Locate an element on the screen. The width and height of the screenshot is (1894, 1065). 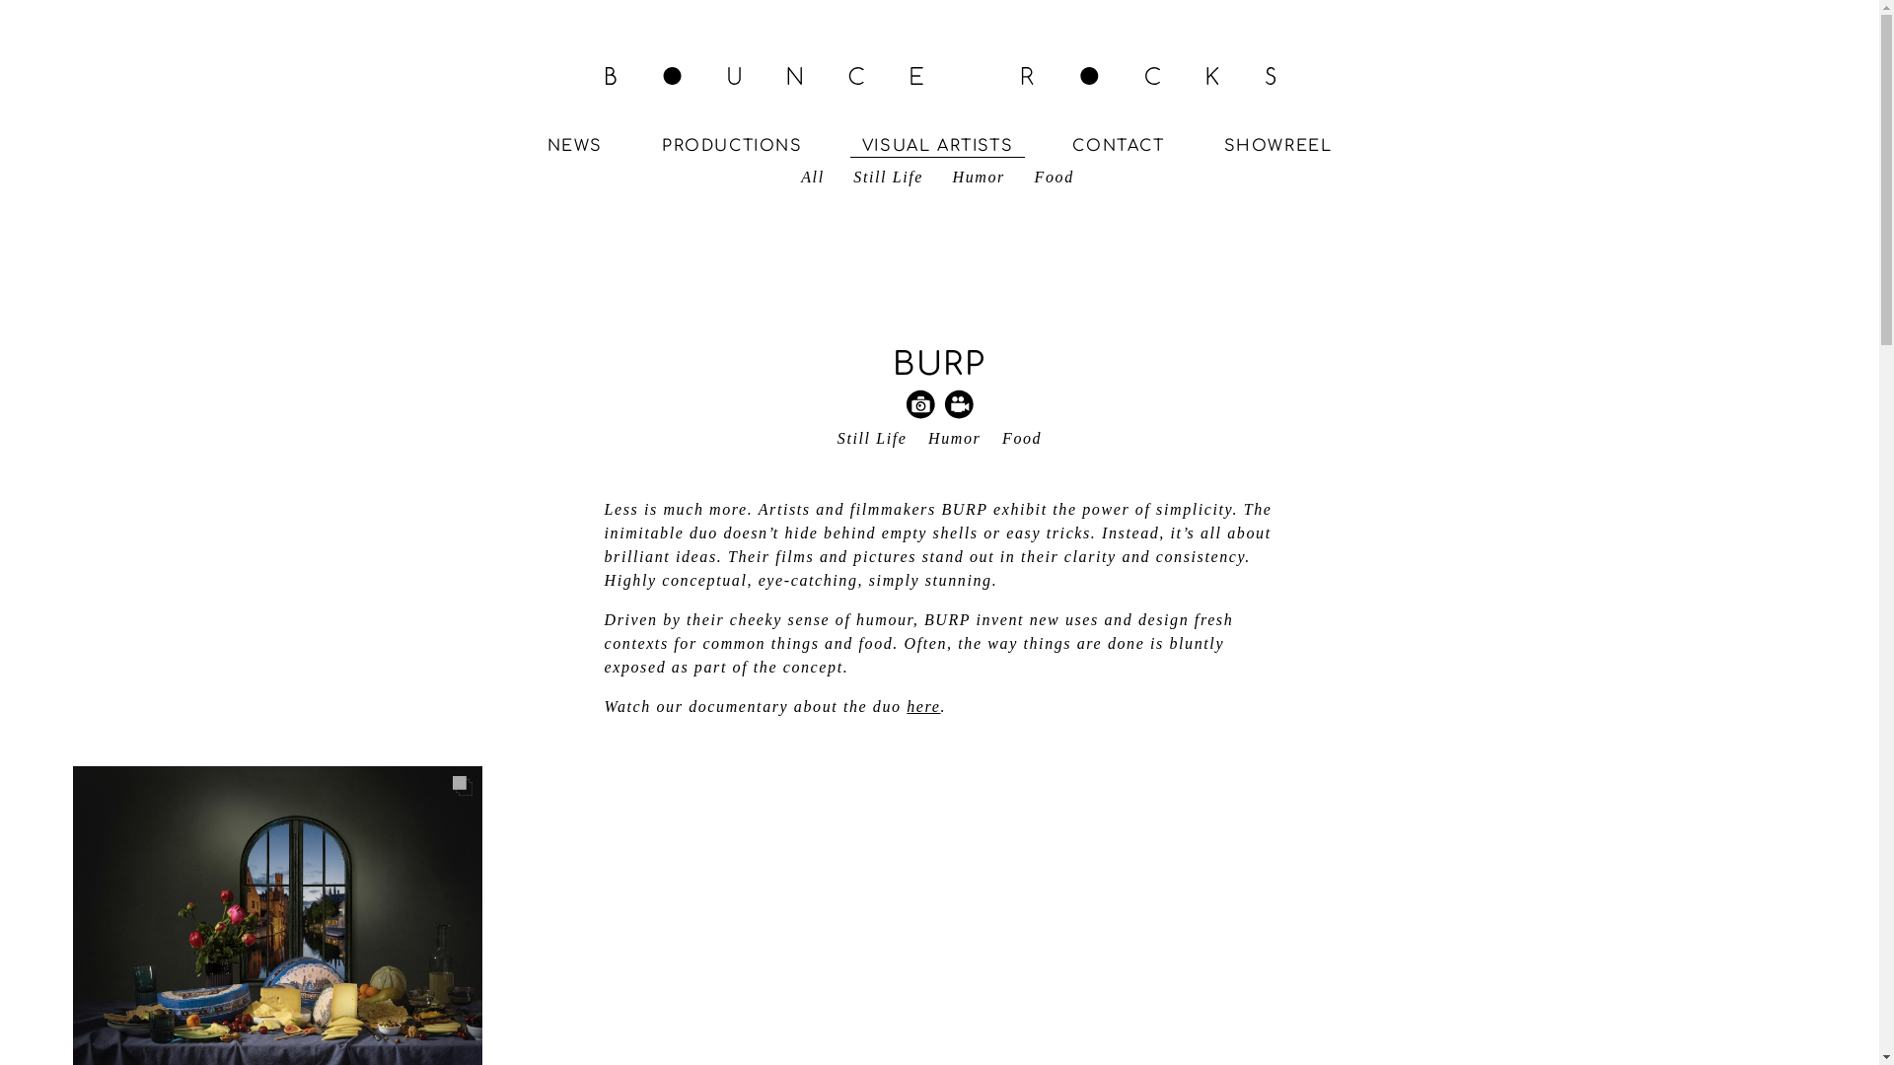
'All' is located at coordinates (812, 176).